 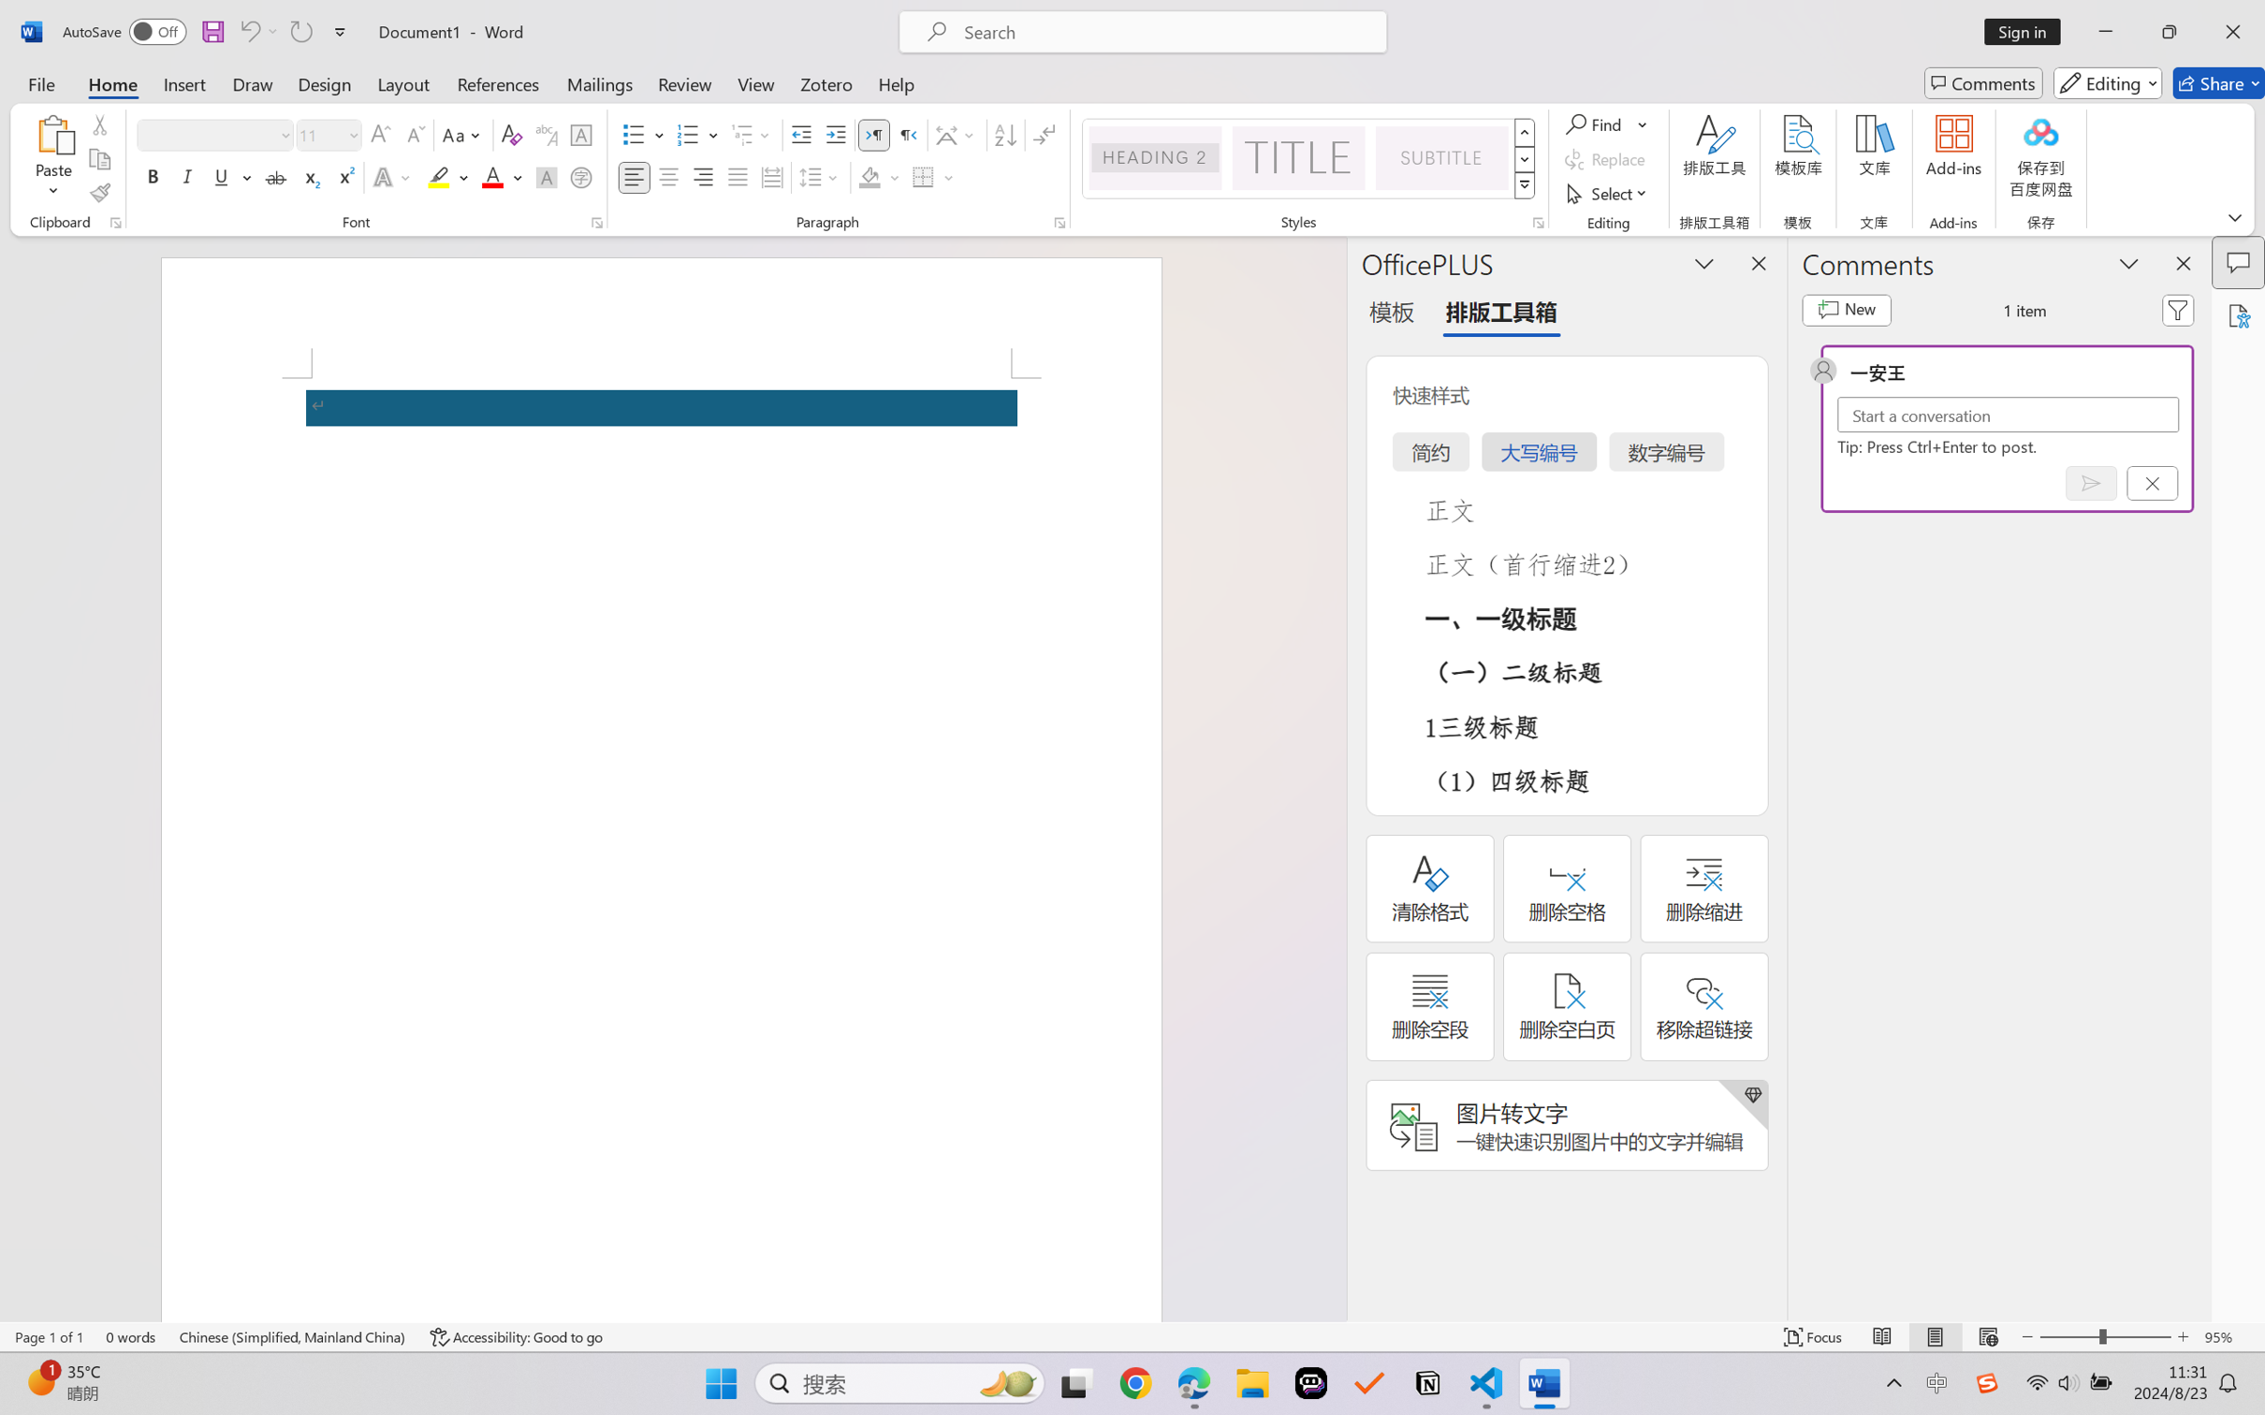 What do you see at coordinates (2178, 310) in the screenshot?
I see `'Filter'` at bounding box center [2178, 310].